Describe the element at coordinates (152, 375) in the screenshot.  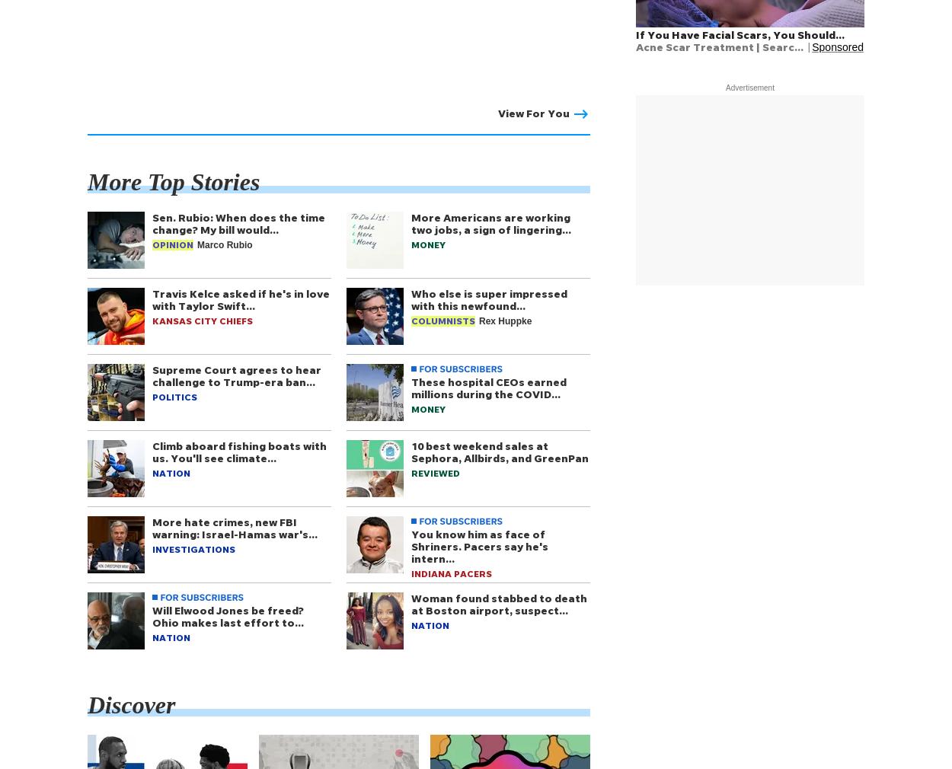
I see `'Supreme Court agrees to hear challenge to Trump-era ban…'` at that location.